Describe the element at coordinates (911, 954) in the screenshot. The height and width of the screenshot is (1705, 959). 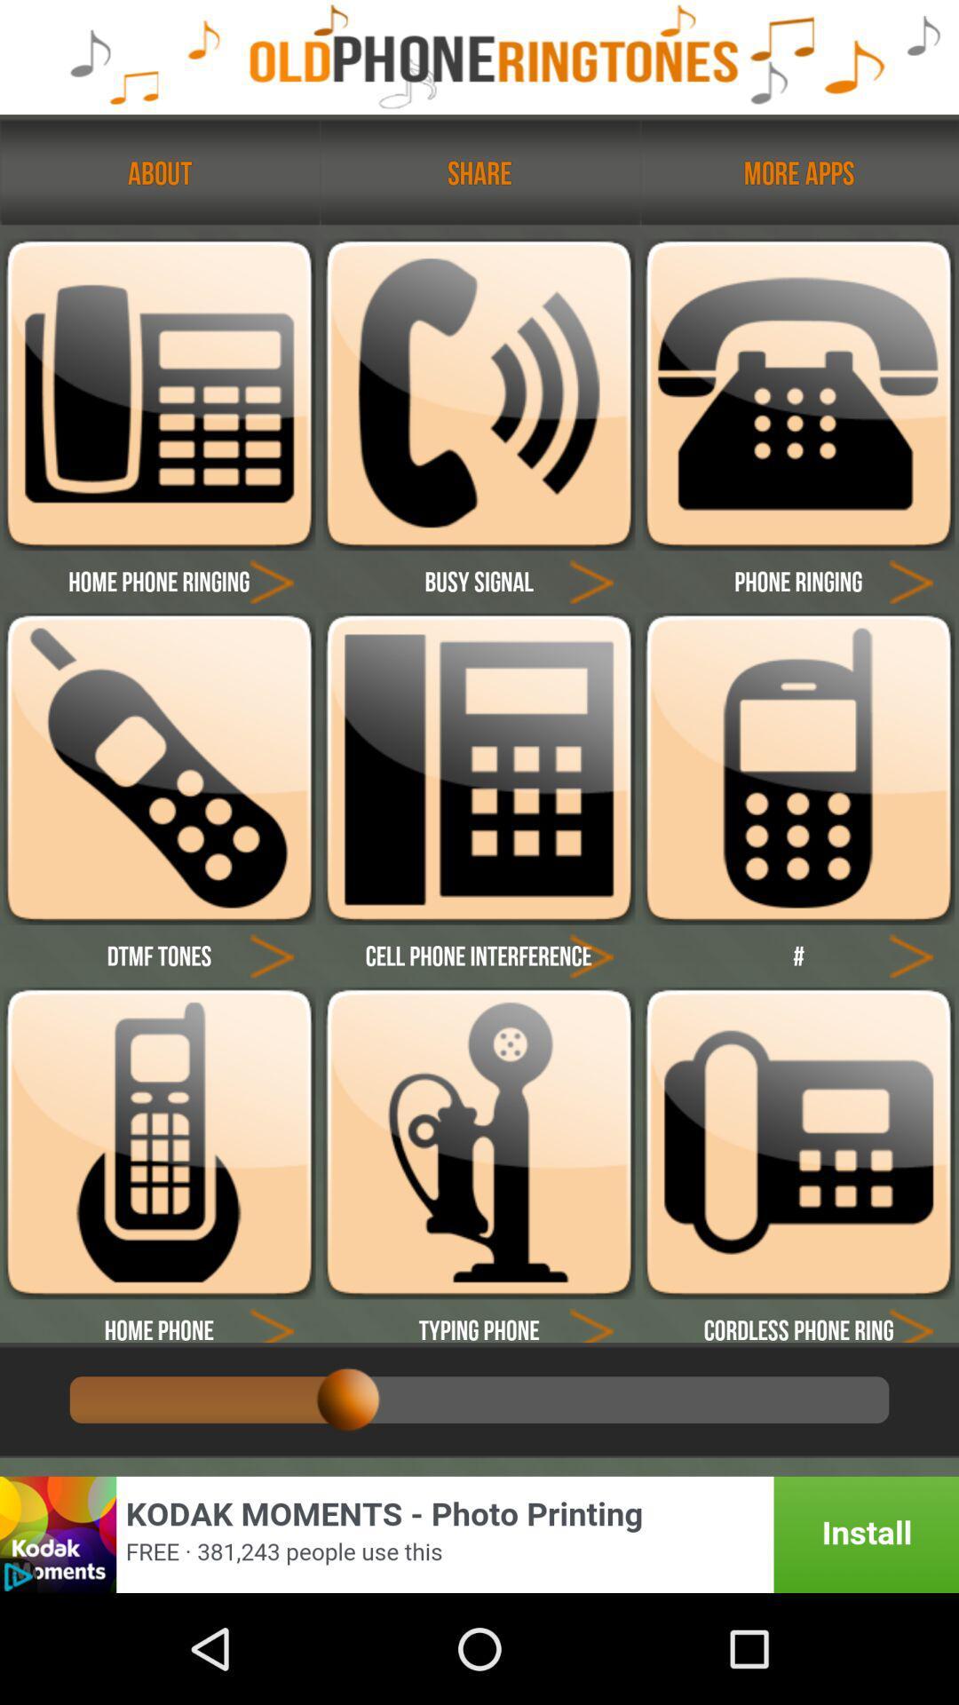
I see `next option` at that location.